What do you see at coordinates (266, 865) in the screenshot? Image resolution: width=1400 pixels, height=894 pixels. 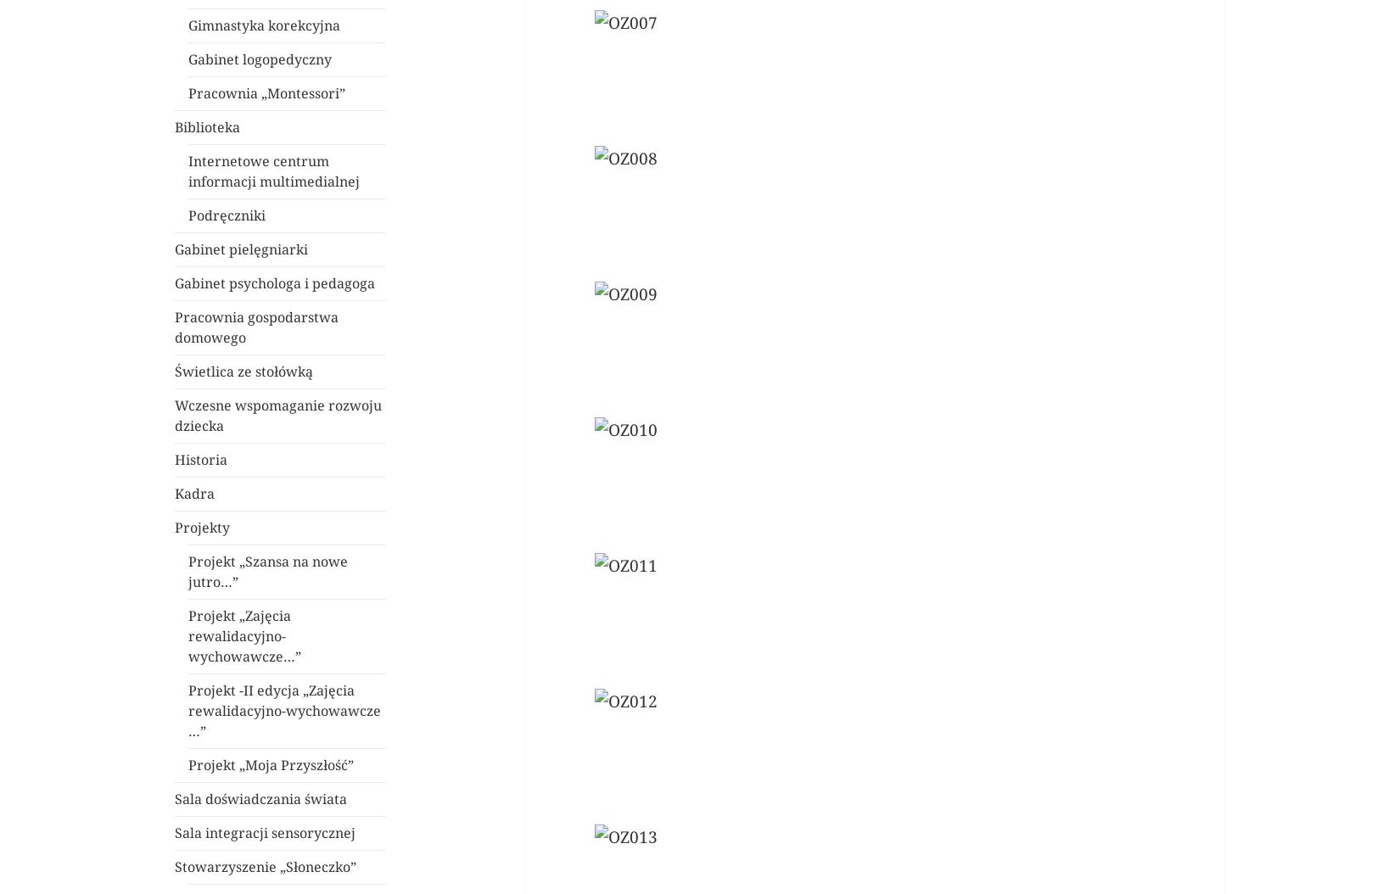 I see `'Stowarzyszenie „Słoneczko”'` at bounding box center [266, 865].